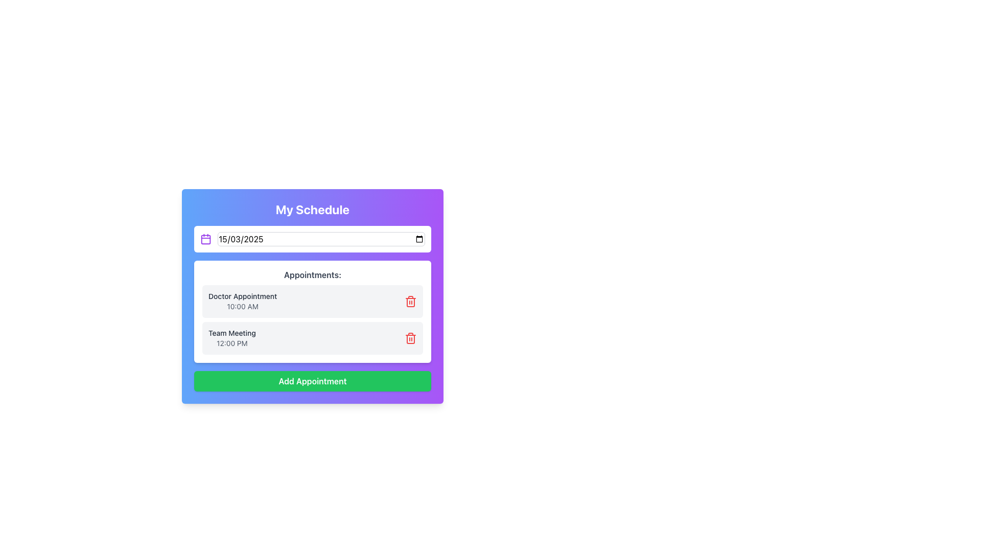 Image resolution: width=981 pixels, height=552 pixels. What do you see at coordinates (231, 338) in the screenshot?
I see `text content of the Text Display showing 'Team Meeting' and '12:00 PM', which is located in the second appointment card under the 'Appointments' section of the 'My Schedule' interface` at bounding box center [231, 338].